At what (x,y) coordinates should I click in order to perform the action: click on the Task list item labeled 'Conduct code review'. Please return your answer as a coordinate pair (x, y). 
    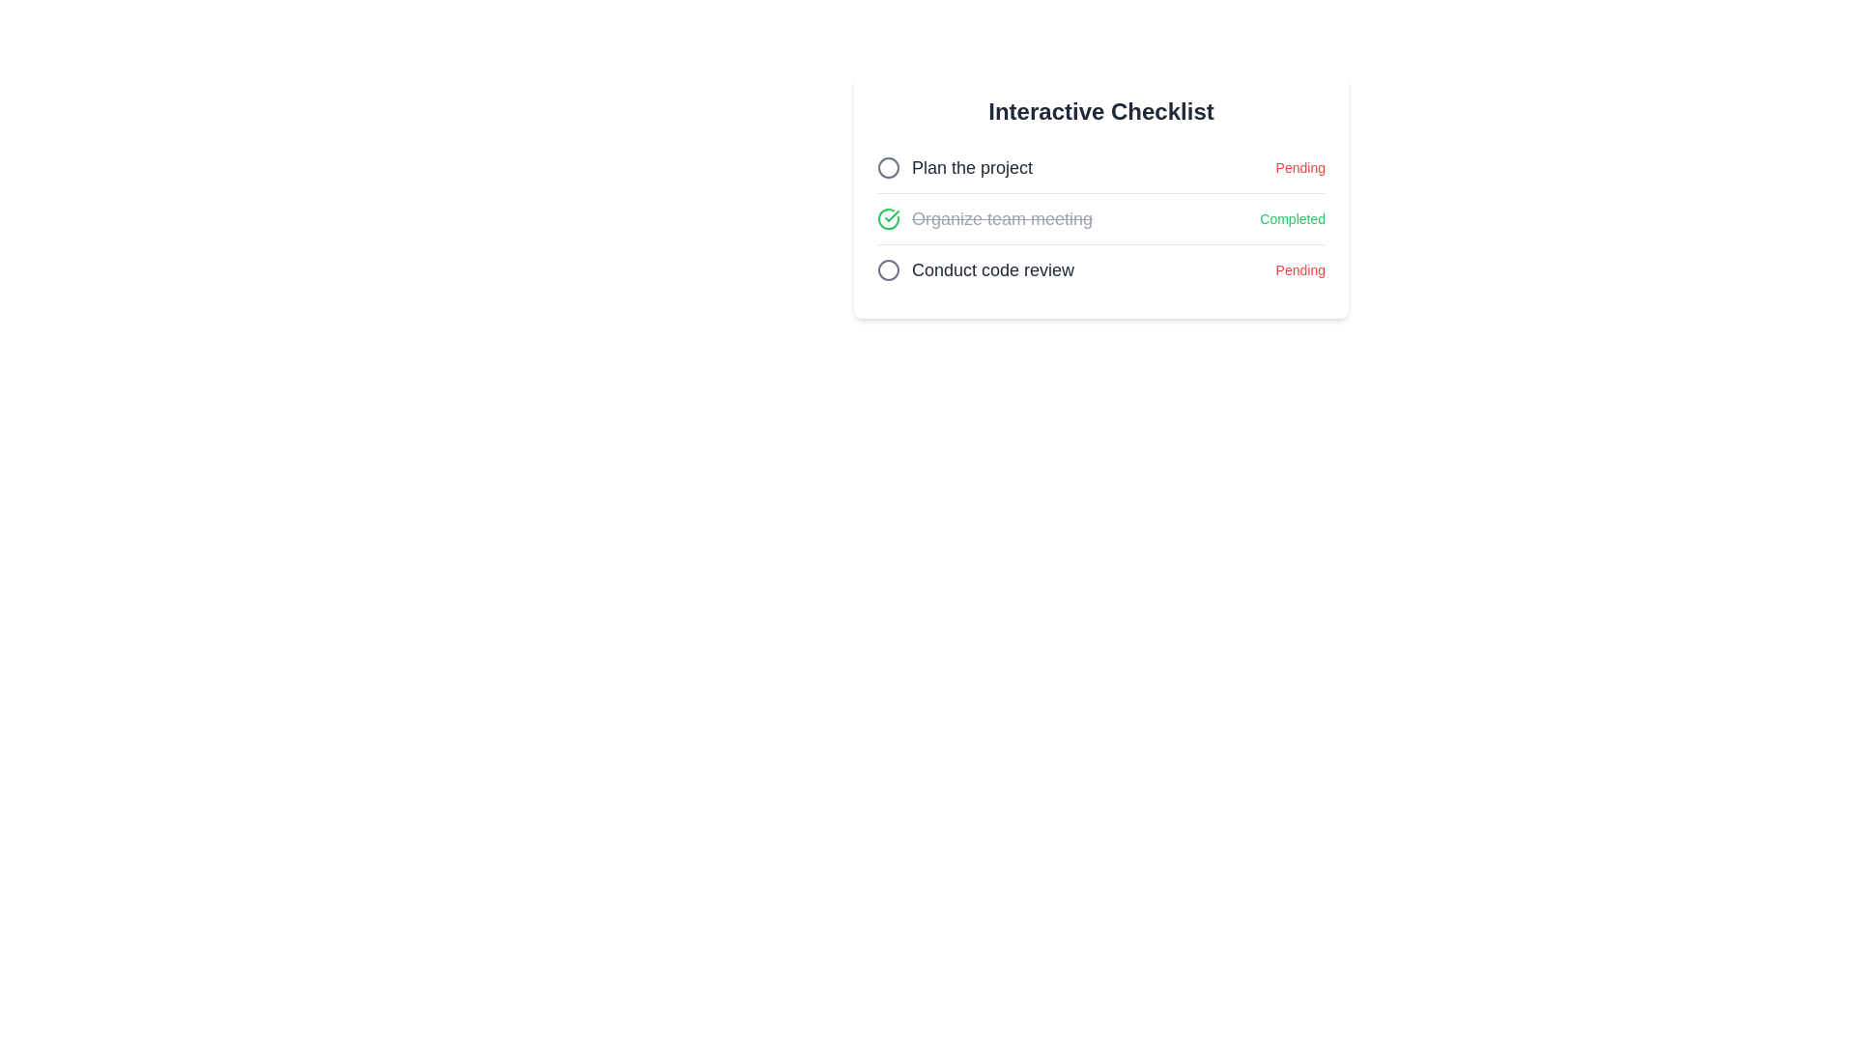
    Looking at the image, I should click on (976, 270).